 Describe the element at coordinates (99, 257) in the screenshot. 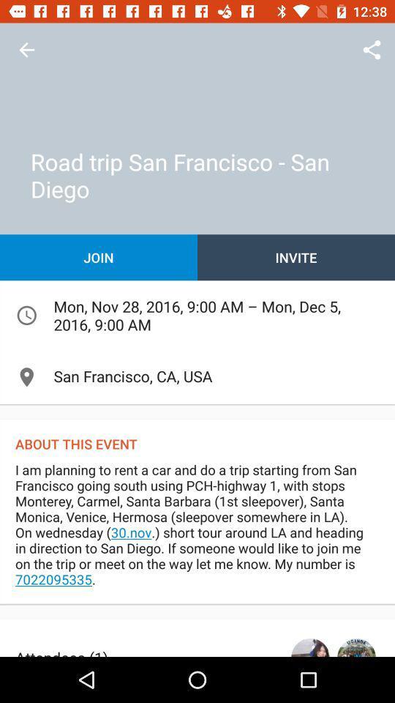

I see `join icon` at that location.